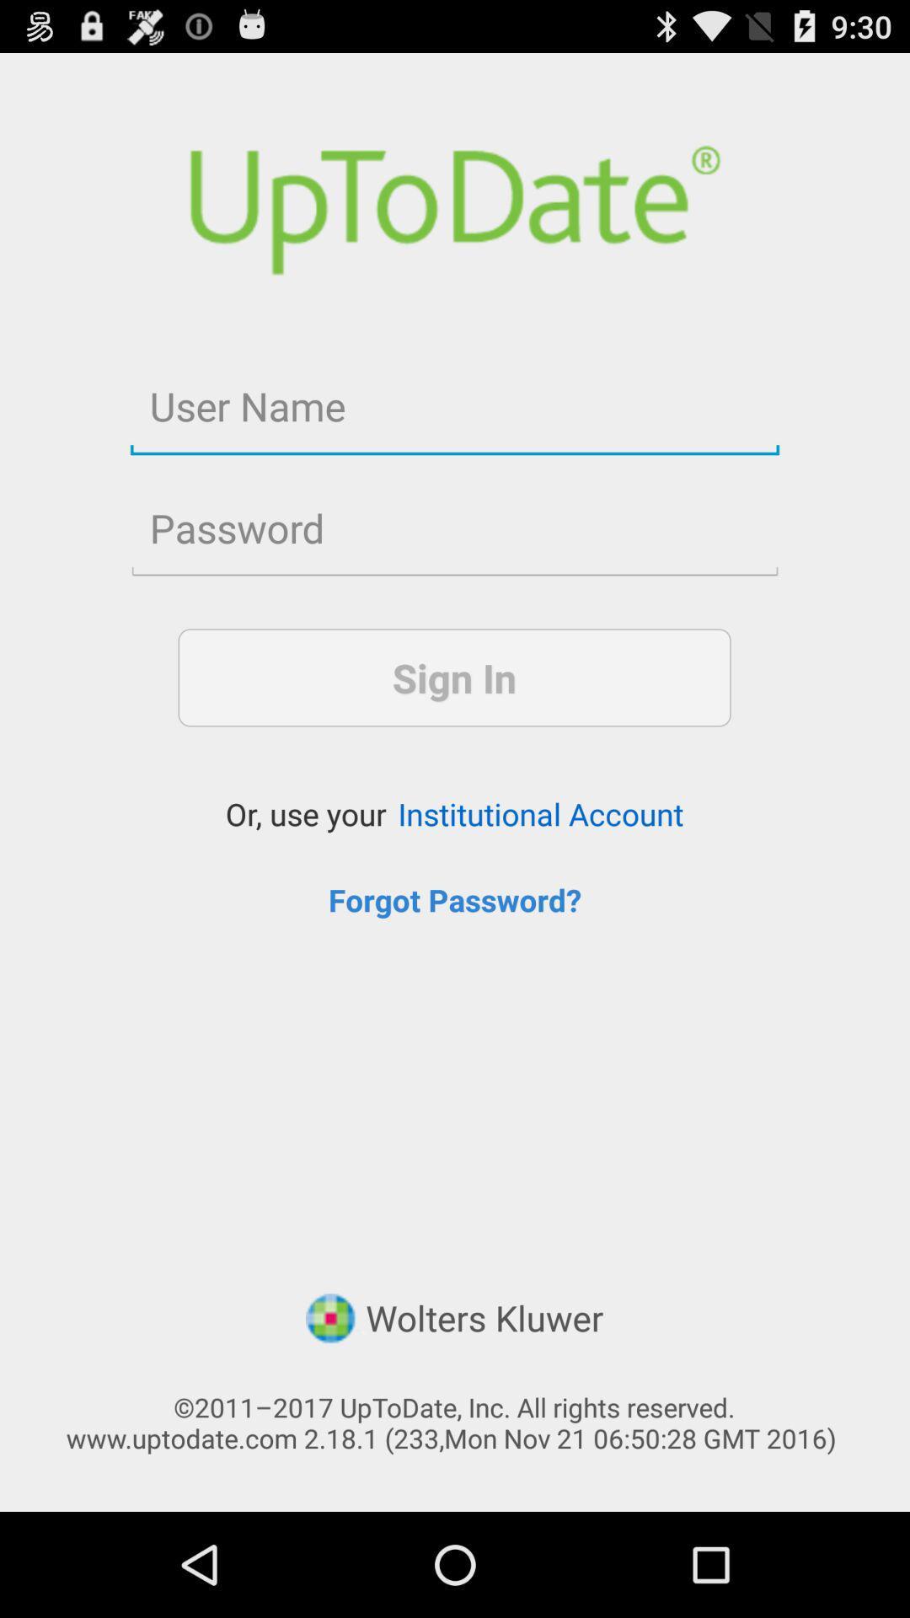 This screenshot has width=910, height=1618. Describe the element at coordinates (453, 678) in the screenshot. I see `app above the or, use your app` at that location.